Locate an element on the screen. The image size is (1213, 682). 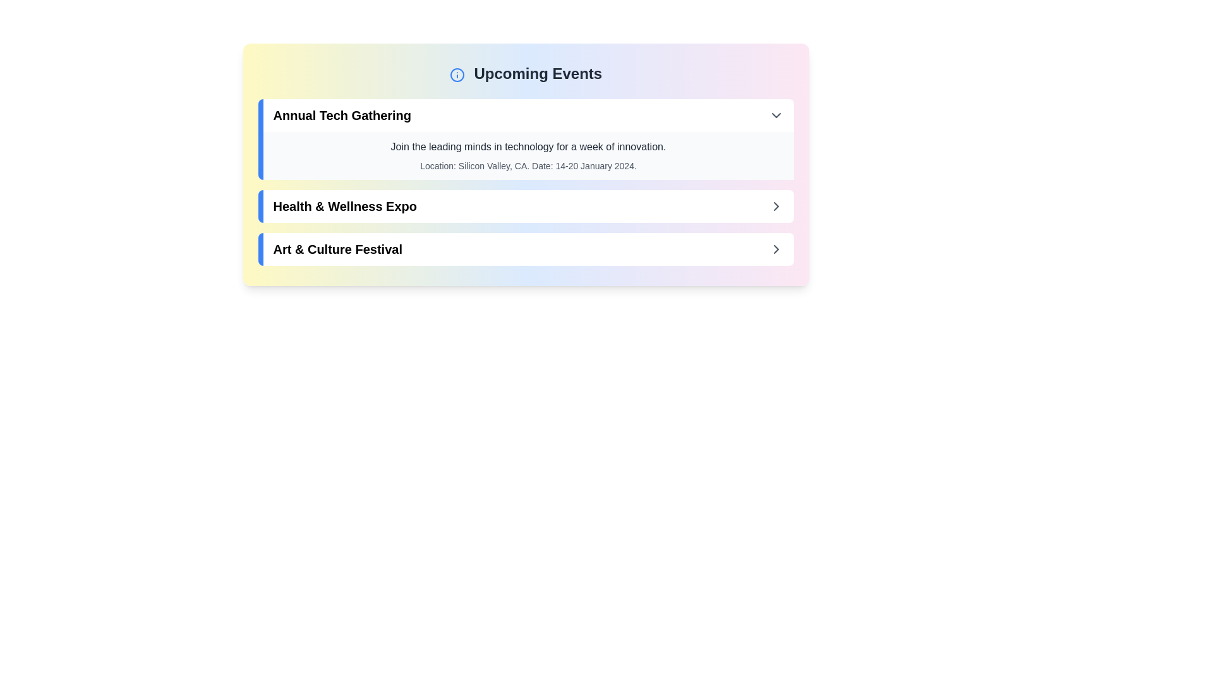
the navigational indicator icon positioned at the rightmost side of the second event card aligned with the 'Health & Wellness Expo' text is located at coordinates (775, 206).